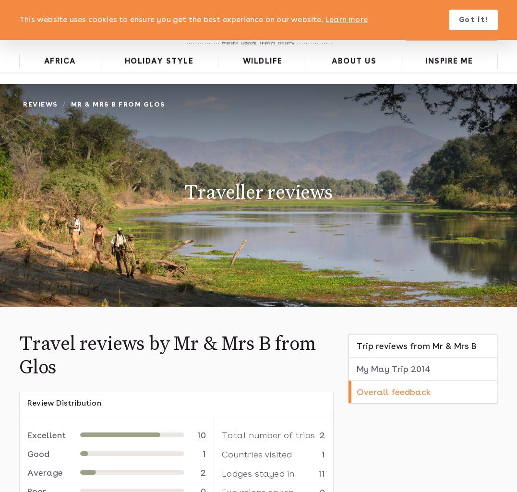 The height and width of the screenshot is (492, 517). What do you see at coordinates (167, 356) in the screenshot?
I see `'Travel reviews by Mr & Mrs B from Glos'` at bounding box center [167, 356].